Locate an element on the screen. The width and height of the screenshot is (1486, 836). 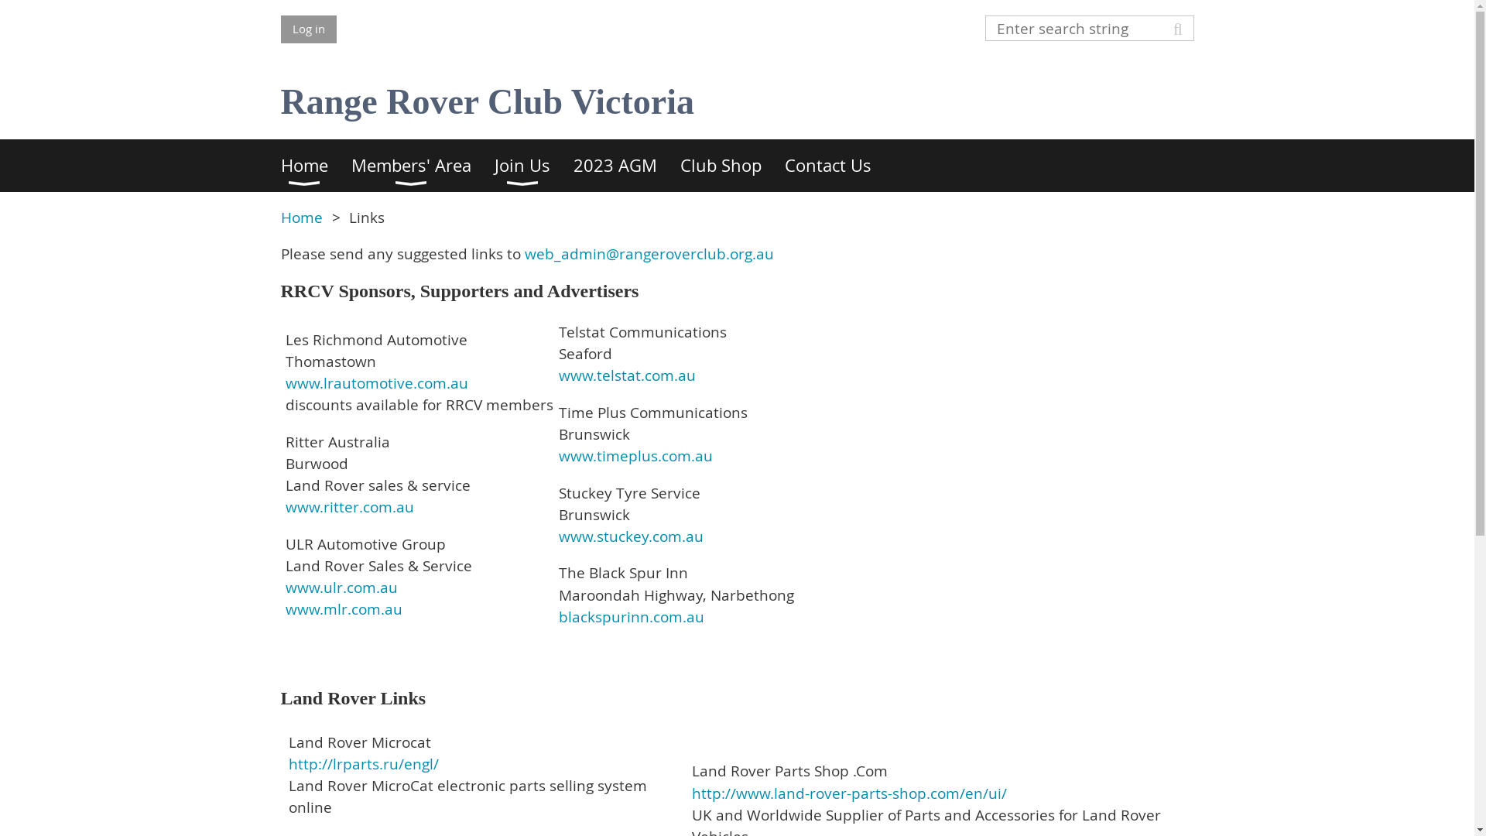
'www.mlr.com.au' is located at coordinates (342, 608).